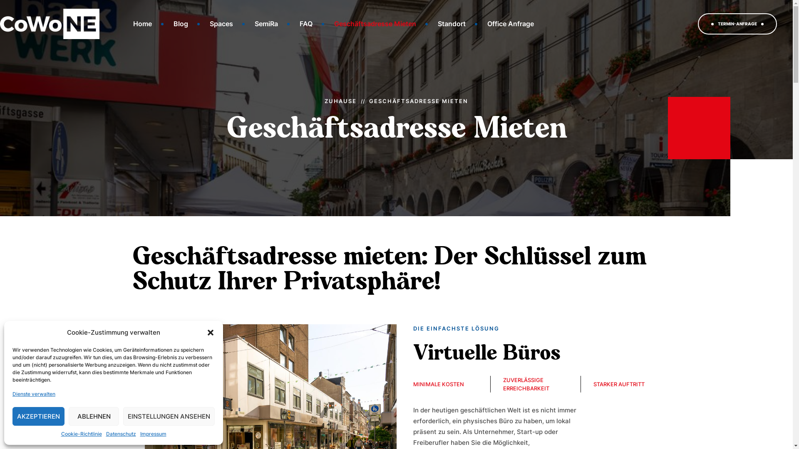  Describe the element at coordinates (737, 23) in the screenshot. I see `'TERMIN-ANFRAGE'` at that location.